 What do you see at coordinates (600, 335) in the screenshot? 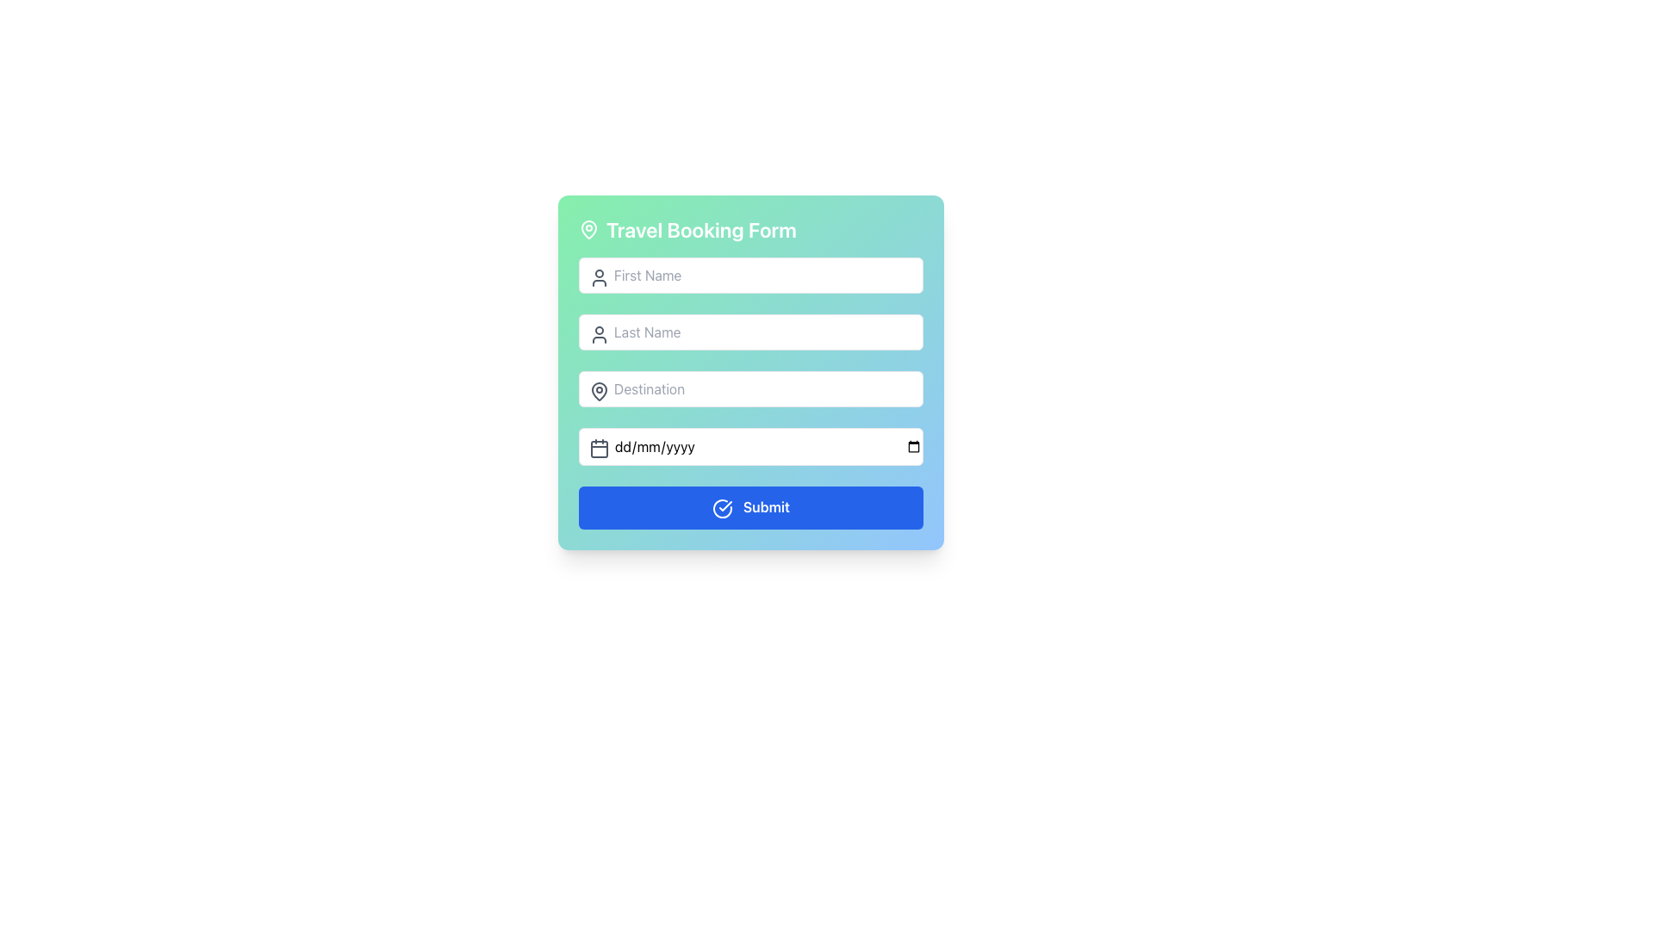
I see `icon that visually indicates the 'Last Name' input field in the 'Travel Booking Form'. This icon is located to the left of the 'Last Name' input field, which is the second input in the form sequence` at bounding box center [600, 335].